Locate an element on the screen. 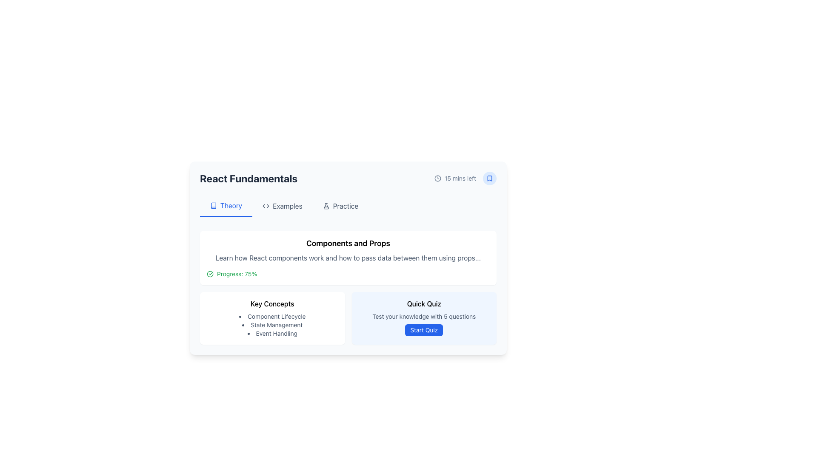  the SVG or vector graphic icon located is located at coordinates (326, 206).